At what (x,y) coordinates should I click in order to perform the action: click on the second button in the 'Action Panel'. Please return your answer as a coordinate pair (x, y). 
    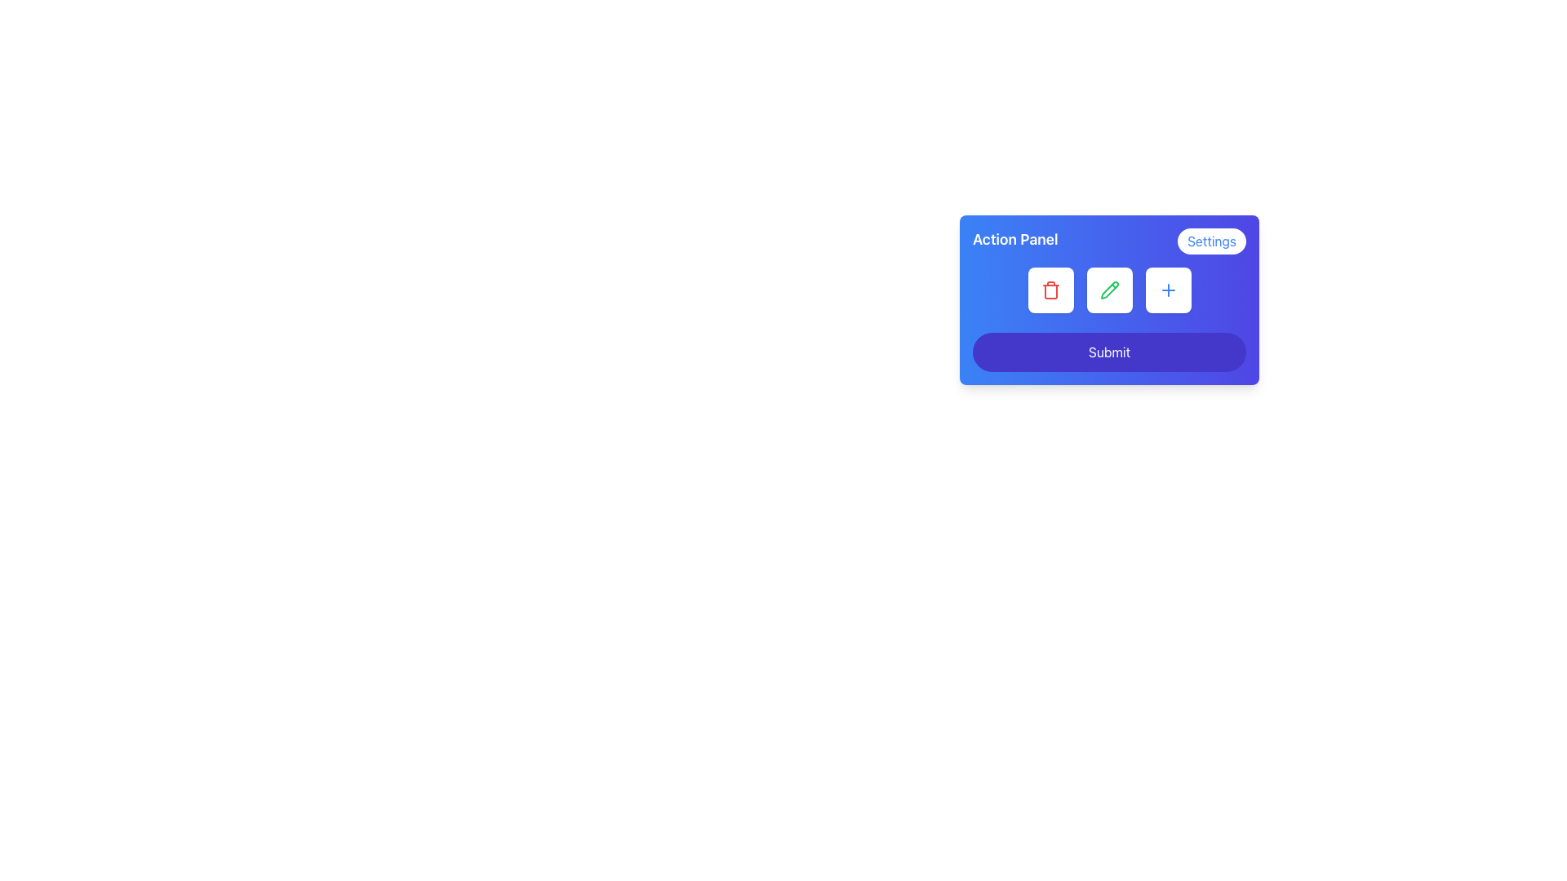
    Looking at the image, I should click on (1109, 299).